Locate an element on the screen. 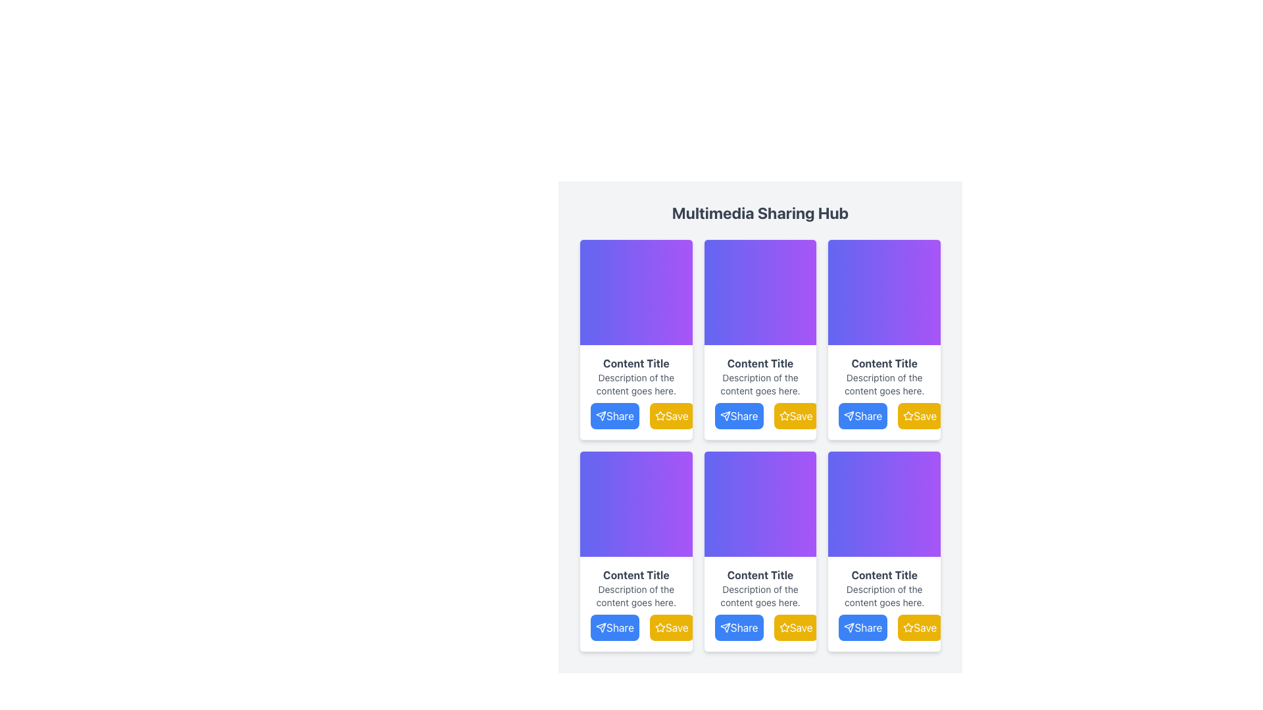 This screenshot has width=1263, height=710. text element styled in gray, small-sized font that reads 'Description of the content goes here.' This text is positioned below the title 'Content Title' and above the 'Share' and 'Save' buttons, located in the rightmost card of a three-column grid is located at coordinates (884, 385).